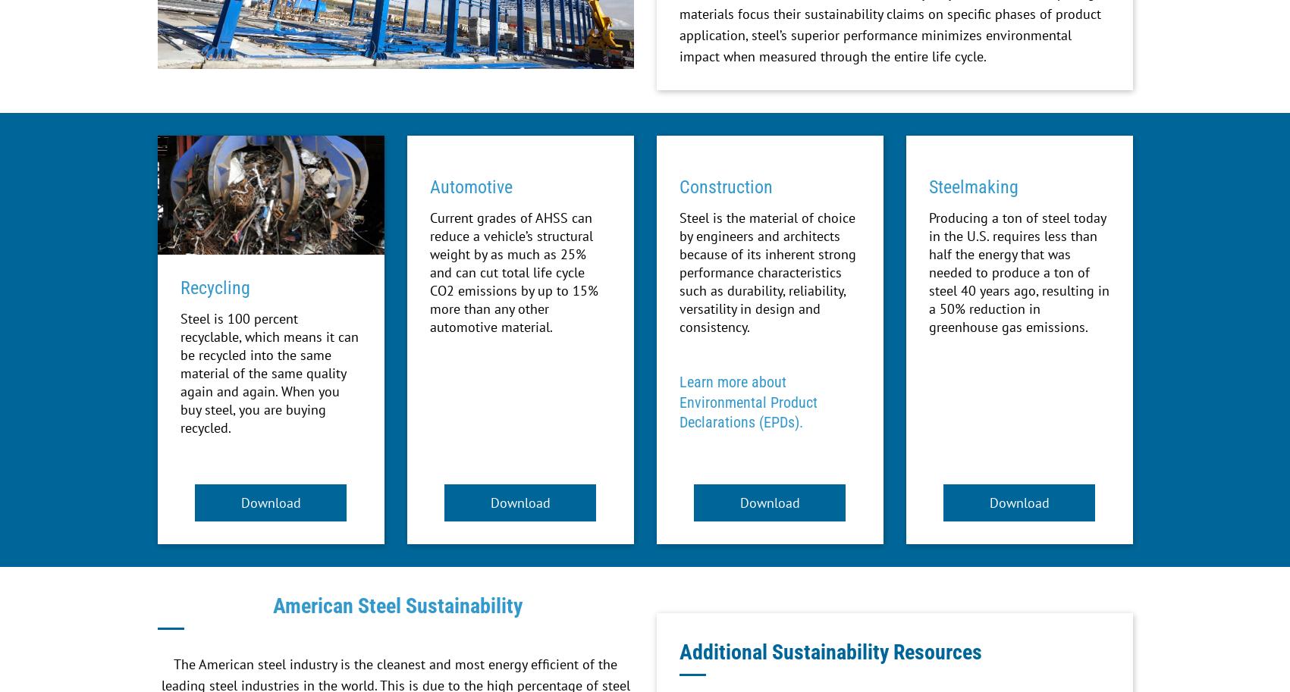 The image size is (1290, 692). I want to click on 'Producing a ton of steel today in the U.S. requires less than half the energy that was needed to produce a ton of steel 40 years ago, resulting in a 50% reduction in greenhouse gas emissions.', so click(1017, 271).